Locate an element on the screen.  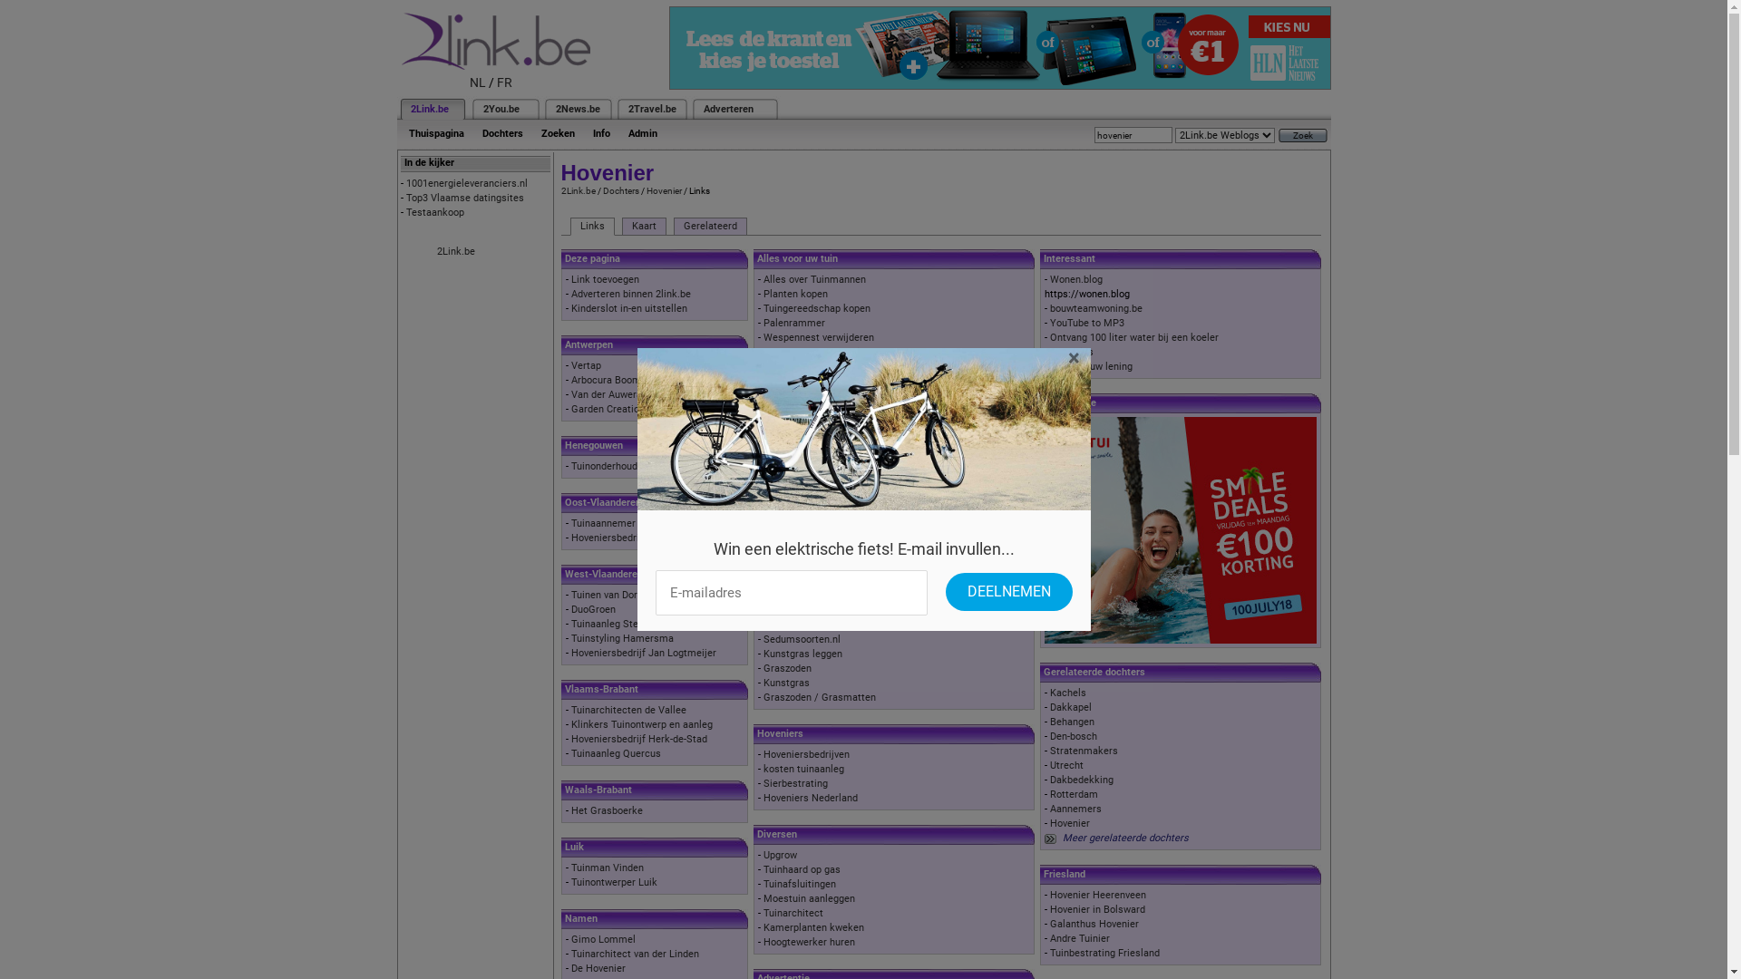
'Tuinaannemer Oost-Vlaanderen' is located at coordinates (642, 523).